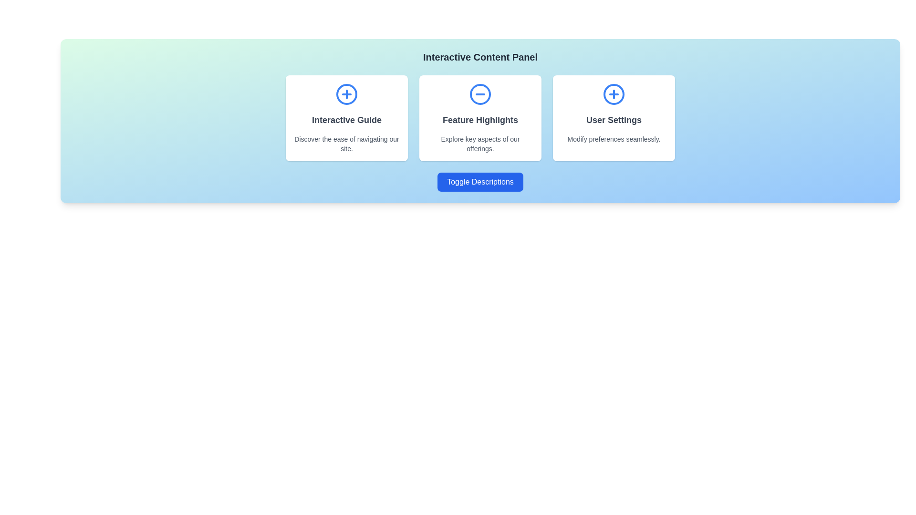 This screenshot has height=515, width=916. What do you see at coordinates (614, 117) in the screenshot?
I see `the 'User Settings' card, which has a white background, a blue circular plus icon, and is the third card in a row of three` at bounding box center [614, 117].